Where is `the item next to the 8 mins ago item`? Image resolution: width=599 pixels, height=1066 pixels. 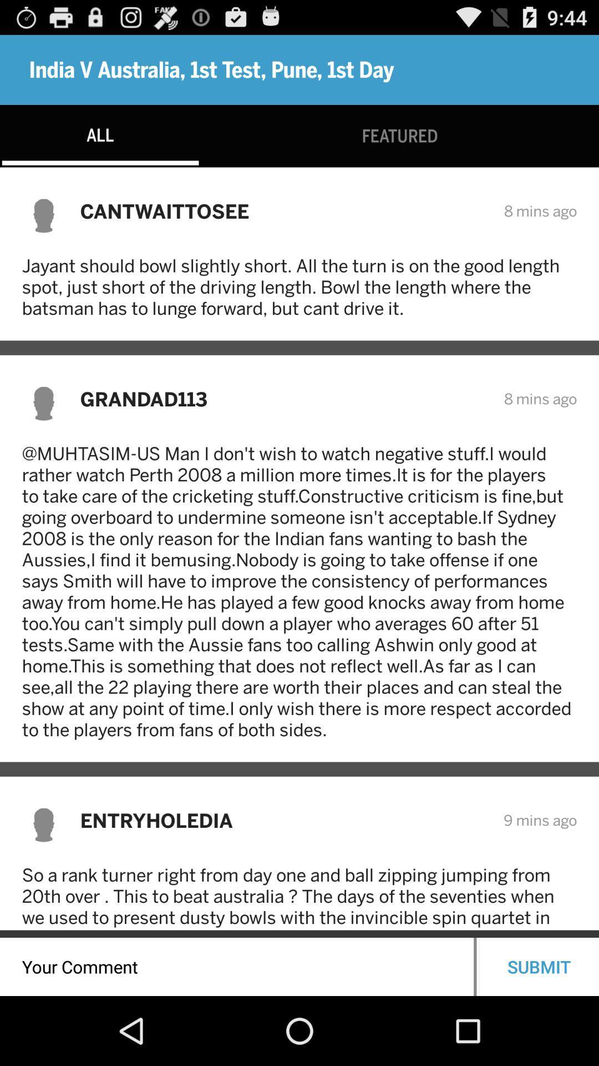 the item next to the 8 mins ago item is located at coordinates (284, 399).